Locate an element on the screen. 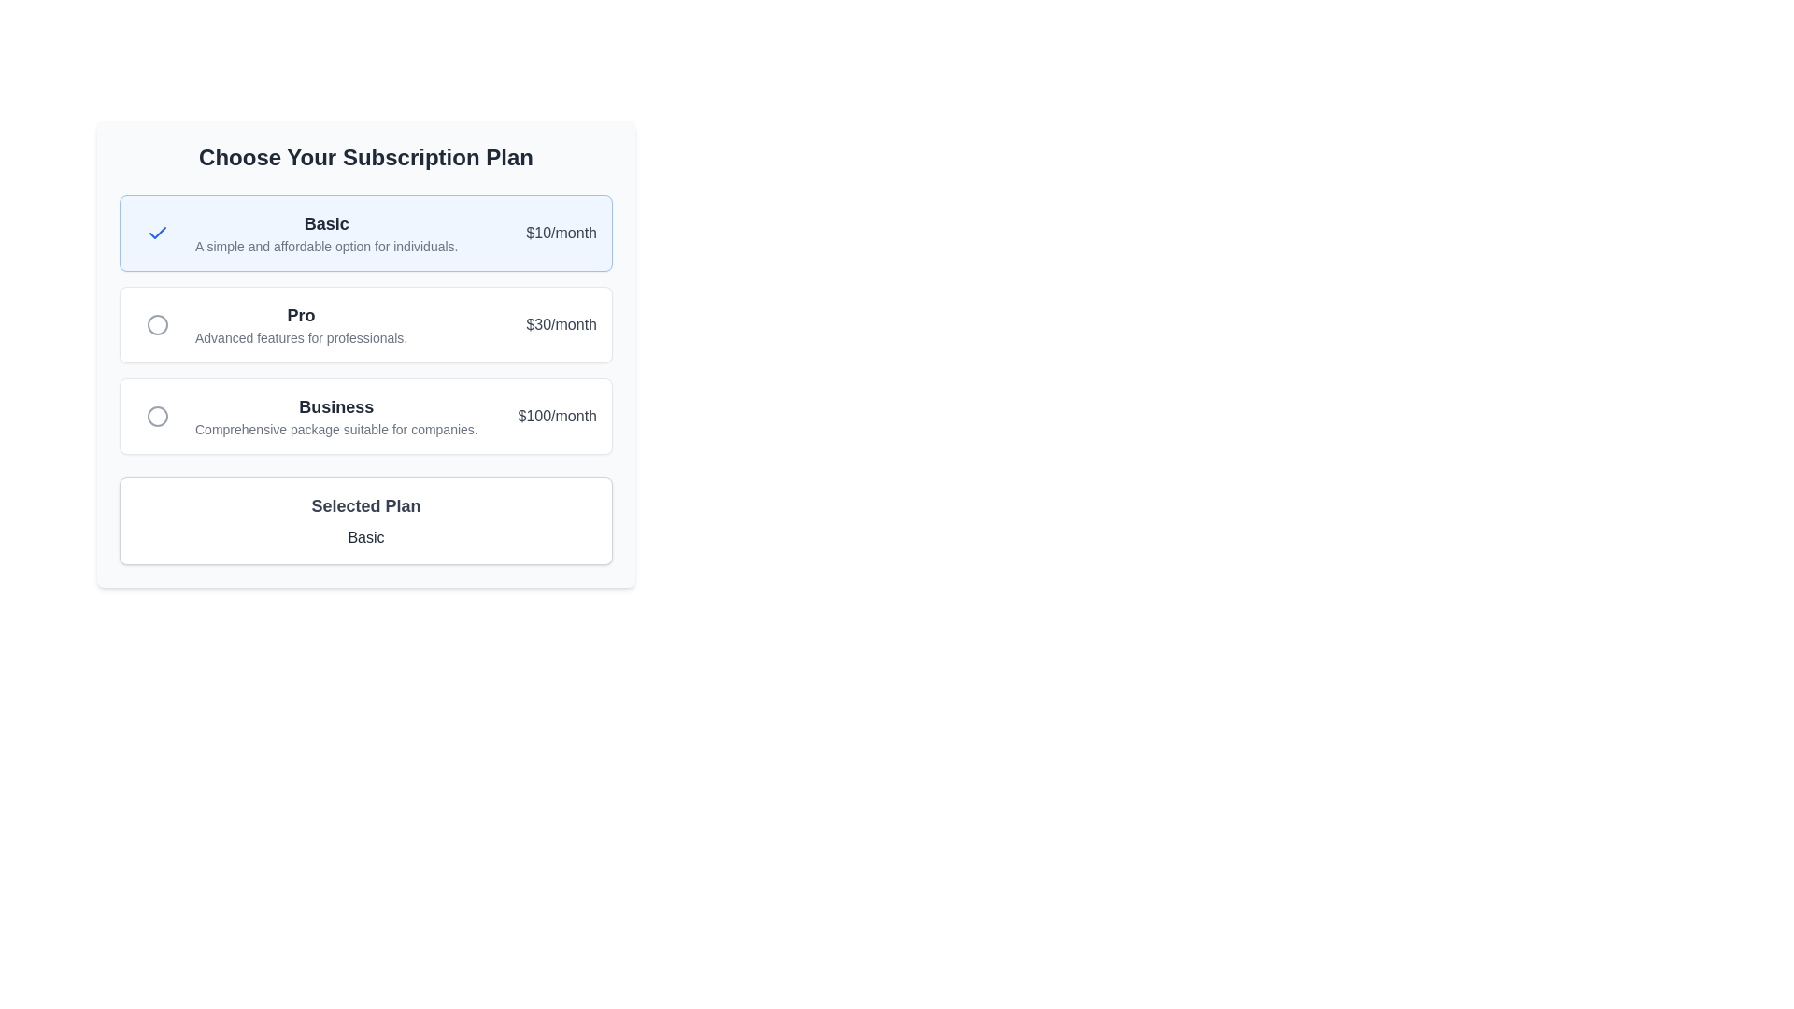  text label that displays 'A simple and affordable option for individuals.' located under the 'Basic' plan title in the subscription selection layout is located at coordinates (326, 245).